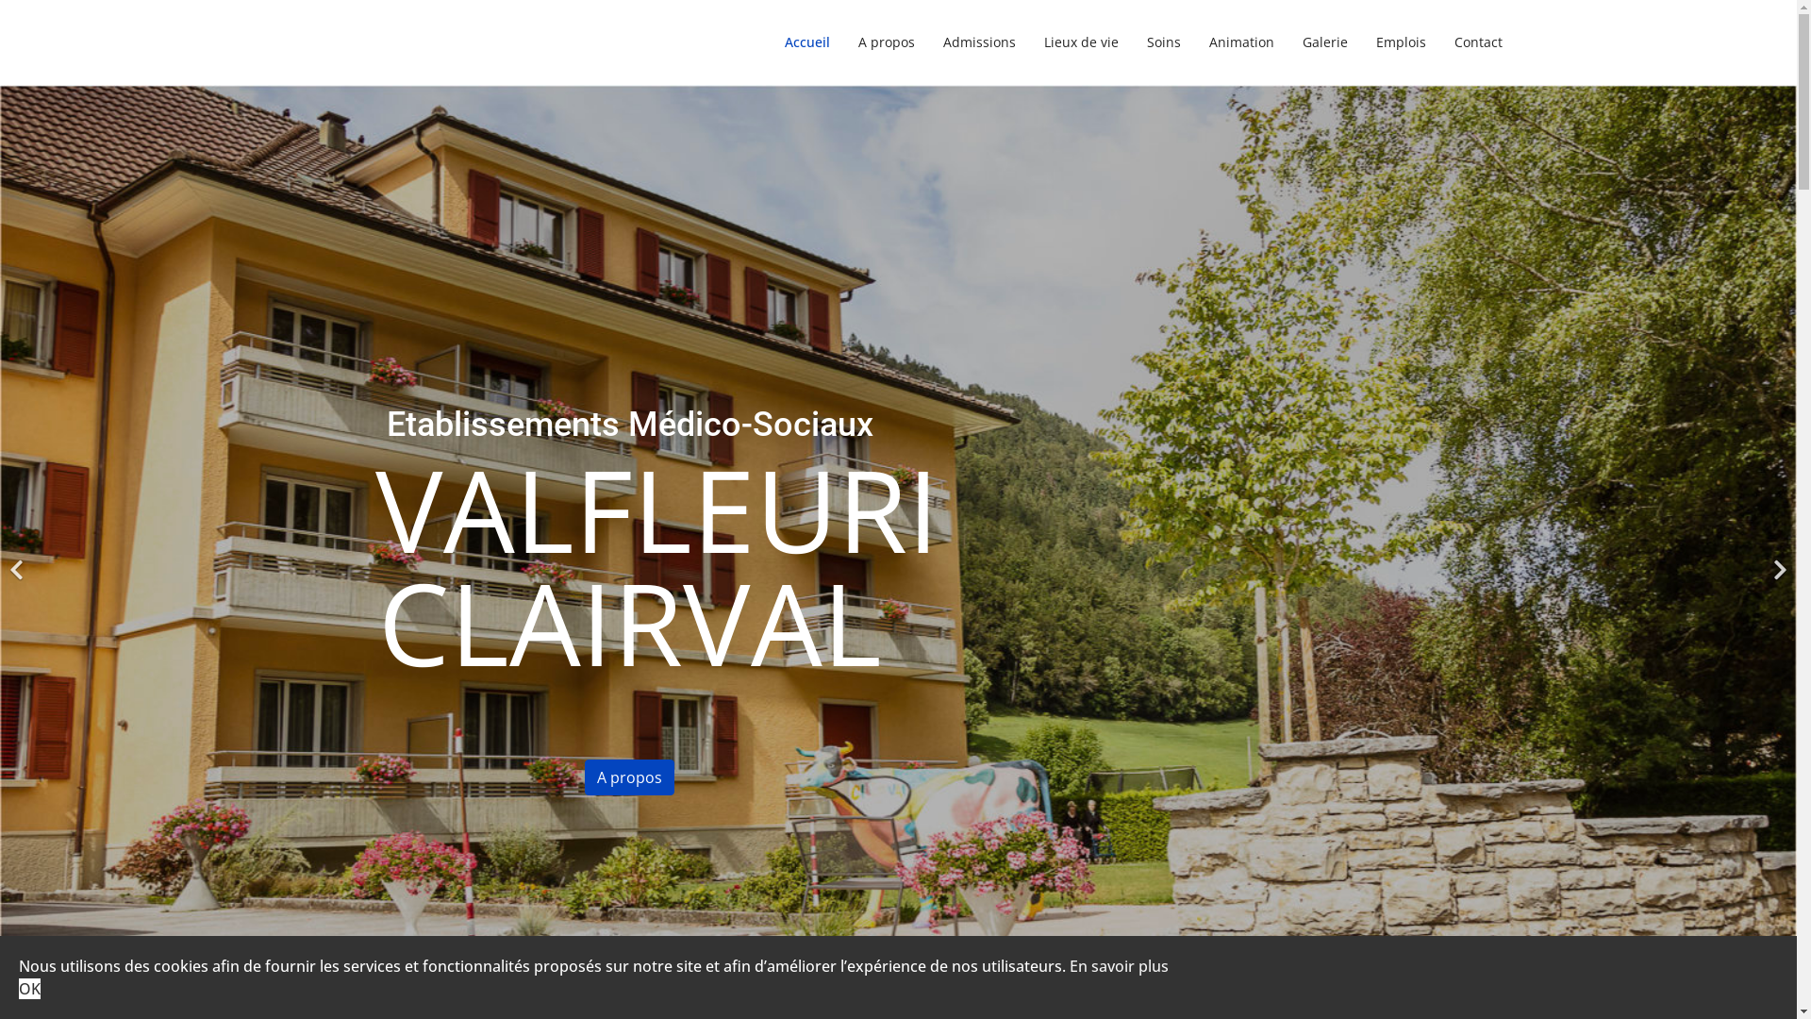 This screenshot has width=1811, height=1019. What do you see at coordinates (978, 42) in the screenshot?
I see `'Admissions'` at bounding box center [978, 42].